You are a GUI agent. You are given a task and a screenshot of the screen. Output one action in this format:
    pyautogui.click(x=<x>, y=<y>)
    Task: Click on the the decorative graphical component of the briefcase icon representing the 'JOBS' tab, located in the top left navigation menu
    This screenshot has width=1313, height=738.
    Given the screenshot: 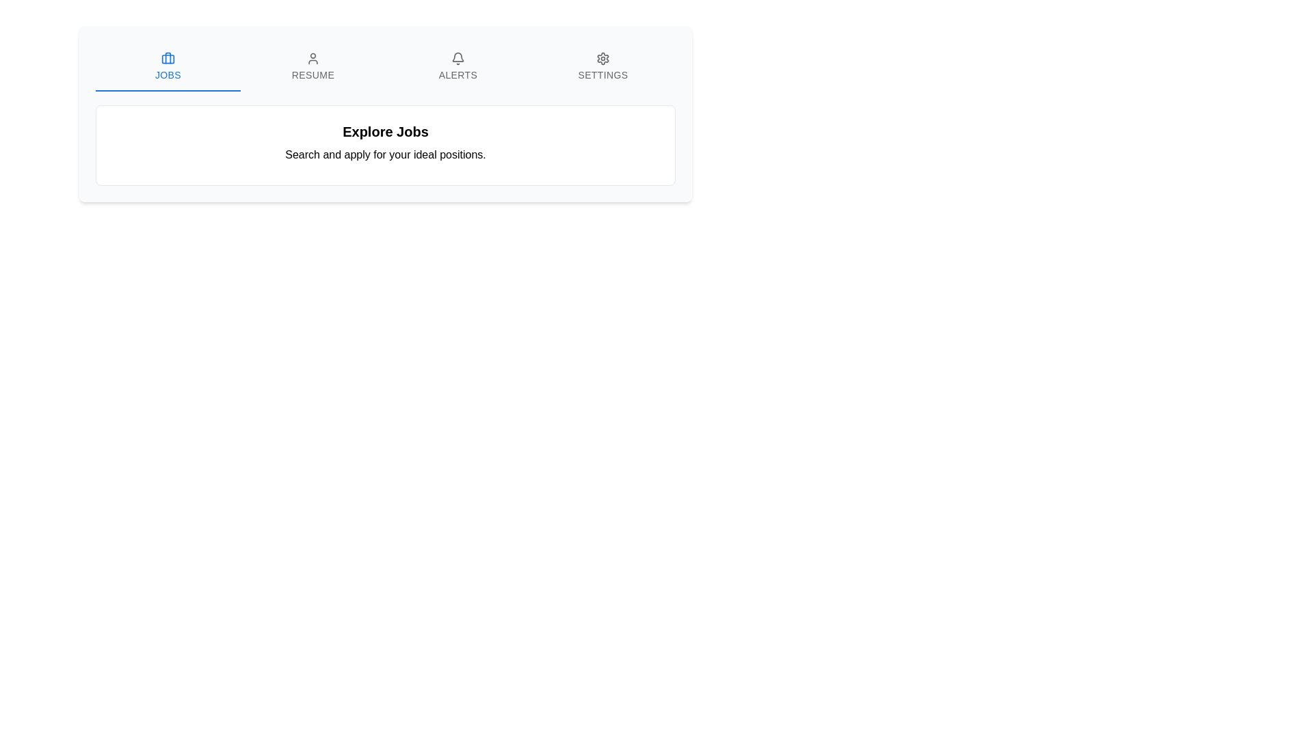 What is the action you would take?
    pyautogui.click(x=167, y=59)
    